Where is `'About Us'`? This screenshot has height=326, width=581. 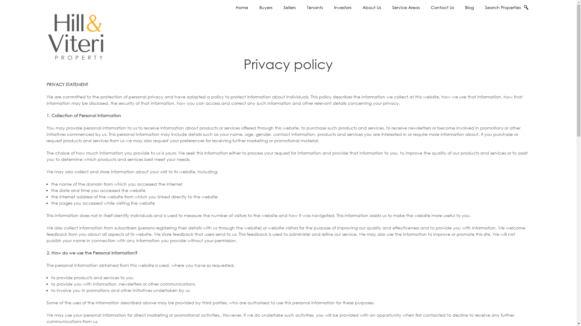
'About Us' is located at coordinates (371, 7).